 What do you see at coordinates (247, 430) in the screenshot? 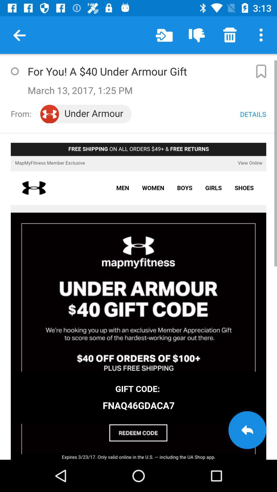
I see `send button` at bounding box center [247, 430].